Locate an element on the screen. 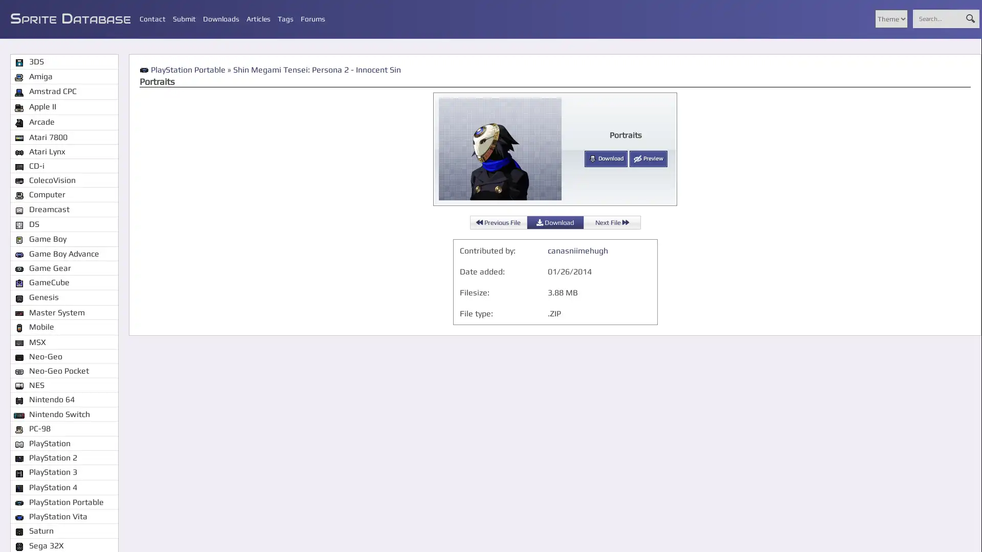 This screenshot has height=552, width=982. Preview is located at coordinates (648, 159).